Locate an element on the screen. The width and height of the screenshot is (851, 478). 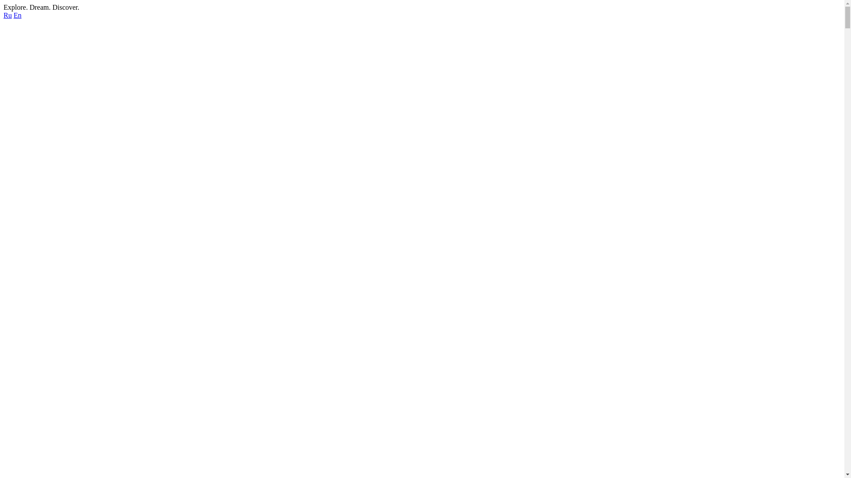
'En' is located at coordinates (13, 15).